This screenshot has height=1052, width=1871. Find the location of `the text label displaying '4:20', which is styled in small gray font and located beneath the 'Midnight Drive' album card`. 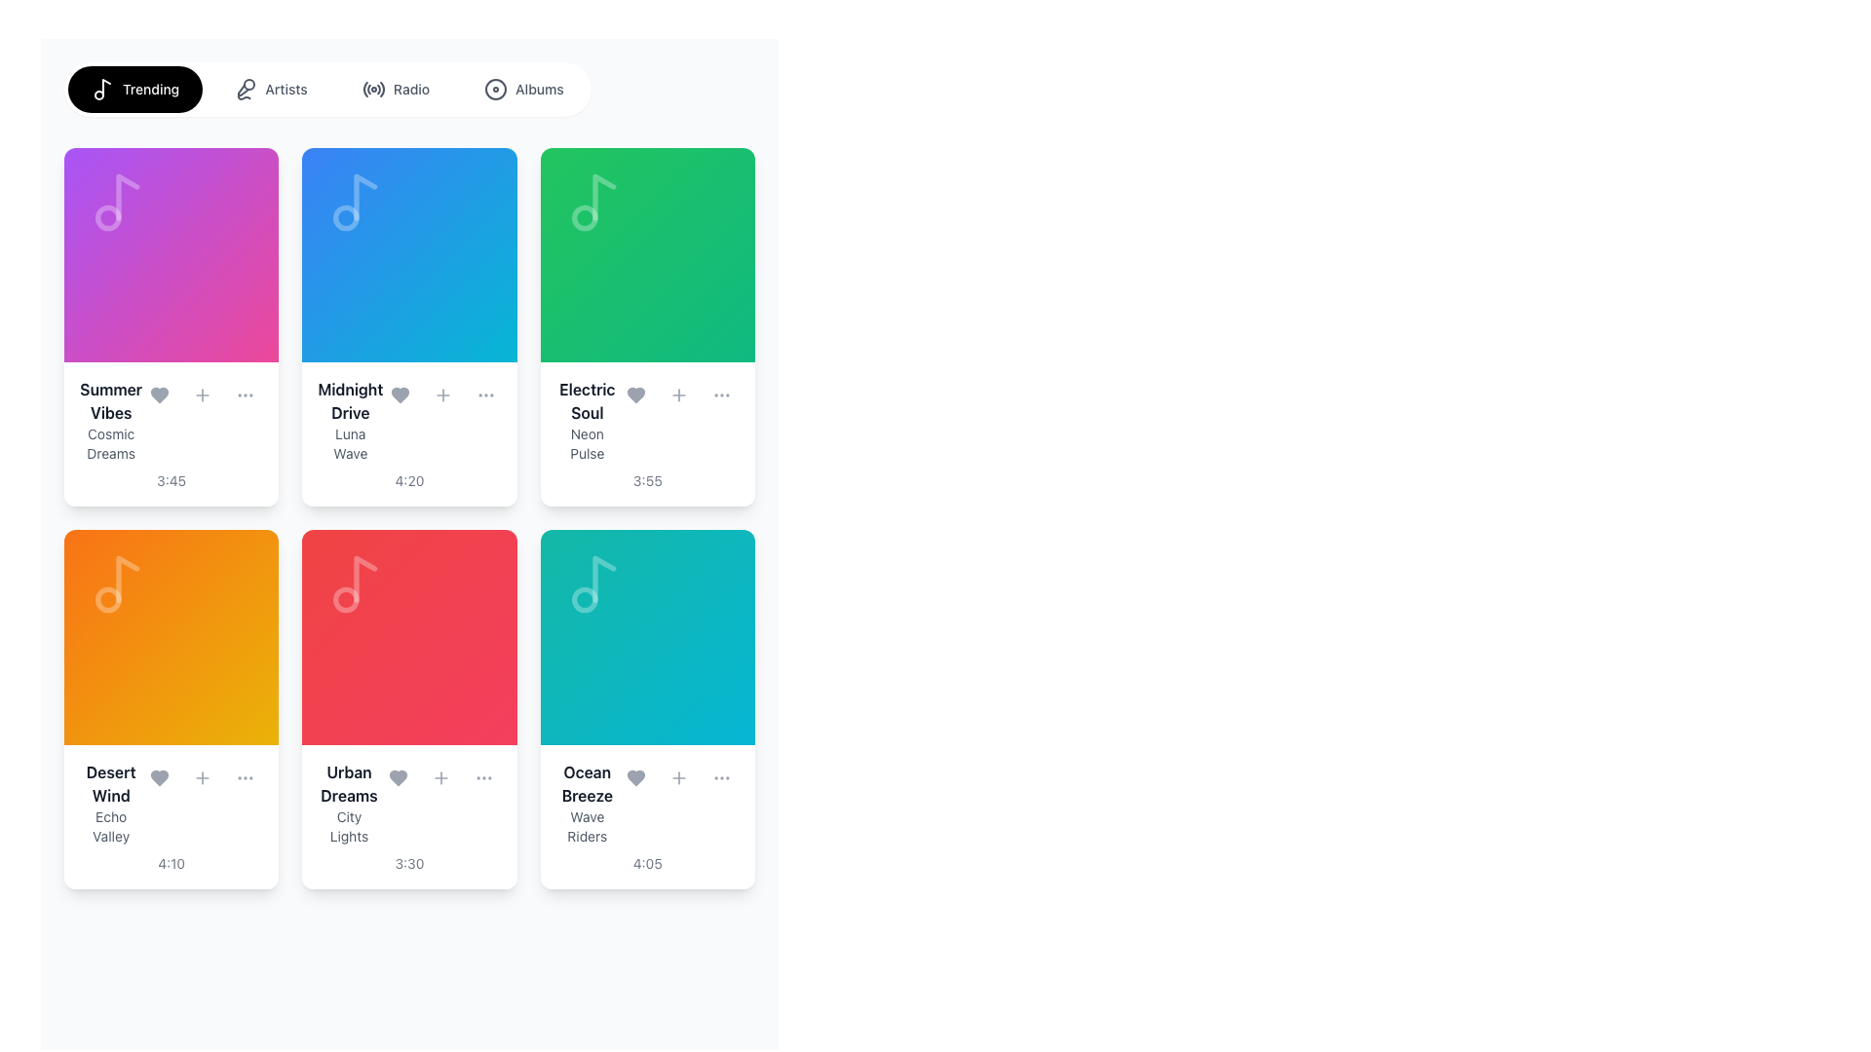

the text label displaying '4:20', which is styled in small gray font and located beneath the 'Midnight Drive' album card is located at coordinates (408, 481).